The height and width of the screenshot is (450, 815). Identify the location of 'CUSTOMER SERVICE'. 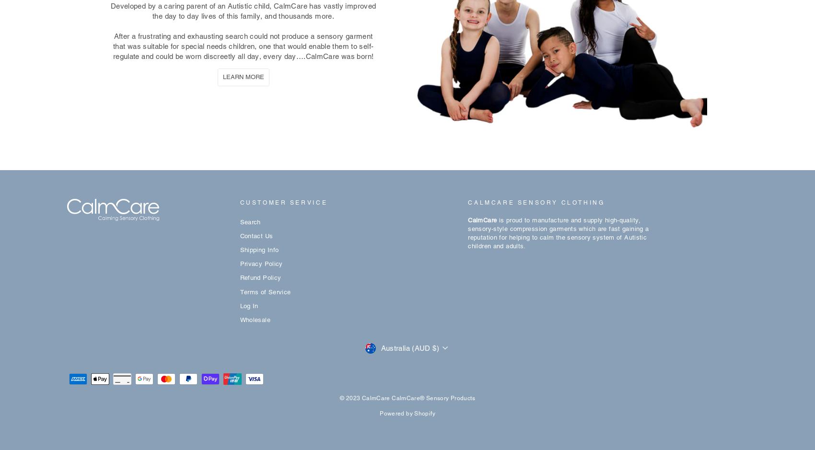
(283, 201).